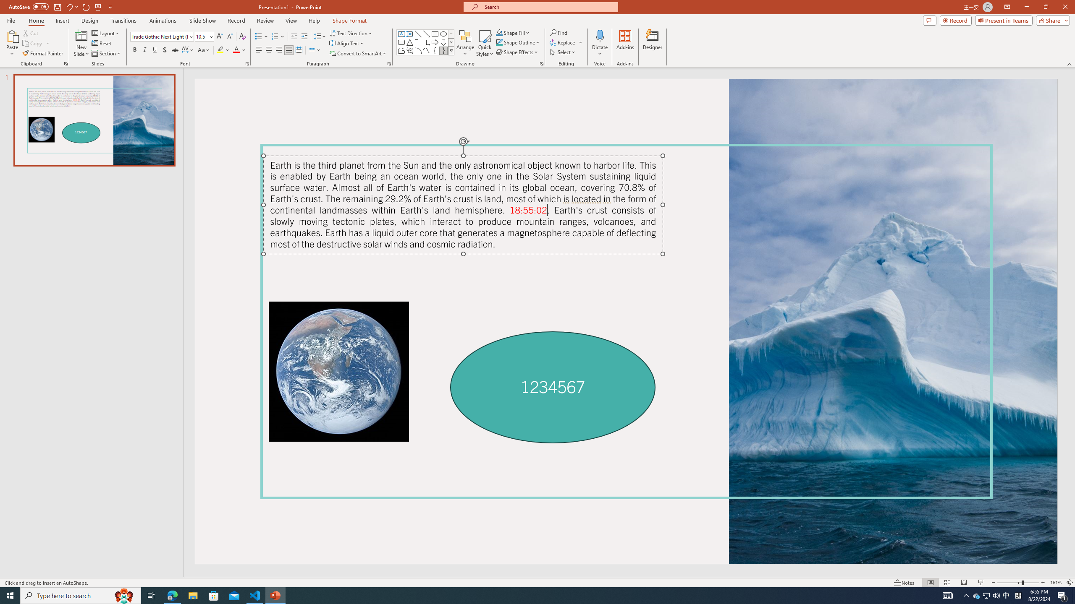 The image size is (1075, 604). Describe the element at coordinates (188, 49) in the screenshot. I see `'Character Spacing'` at that location.